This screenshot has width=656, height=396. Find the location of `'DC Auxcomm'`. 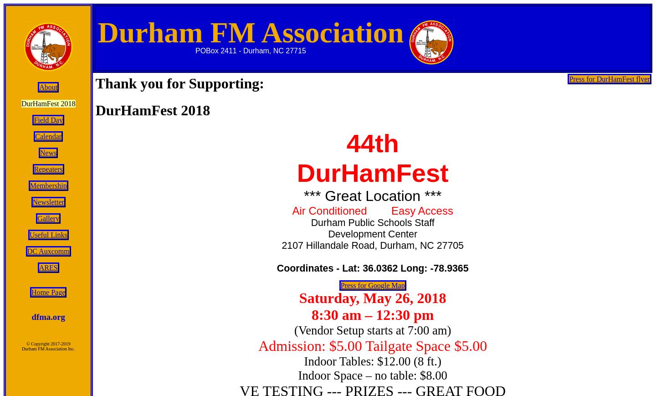

'DC Auxcomm' is located at coordinates (26, 251).